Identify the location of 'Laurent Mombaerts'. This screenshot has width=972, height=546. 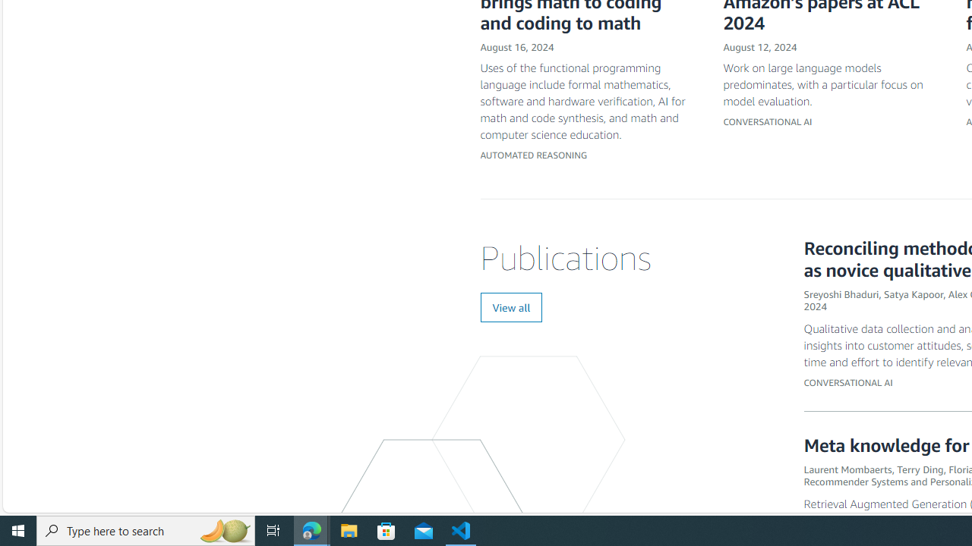
(847, 468).